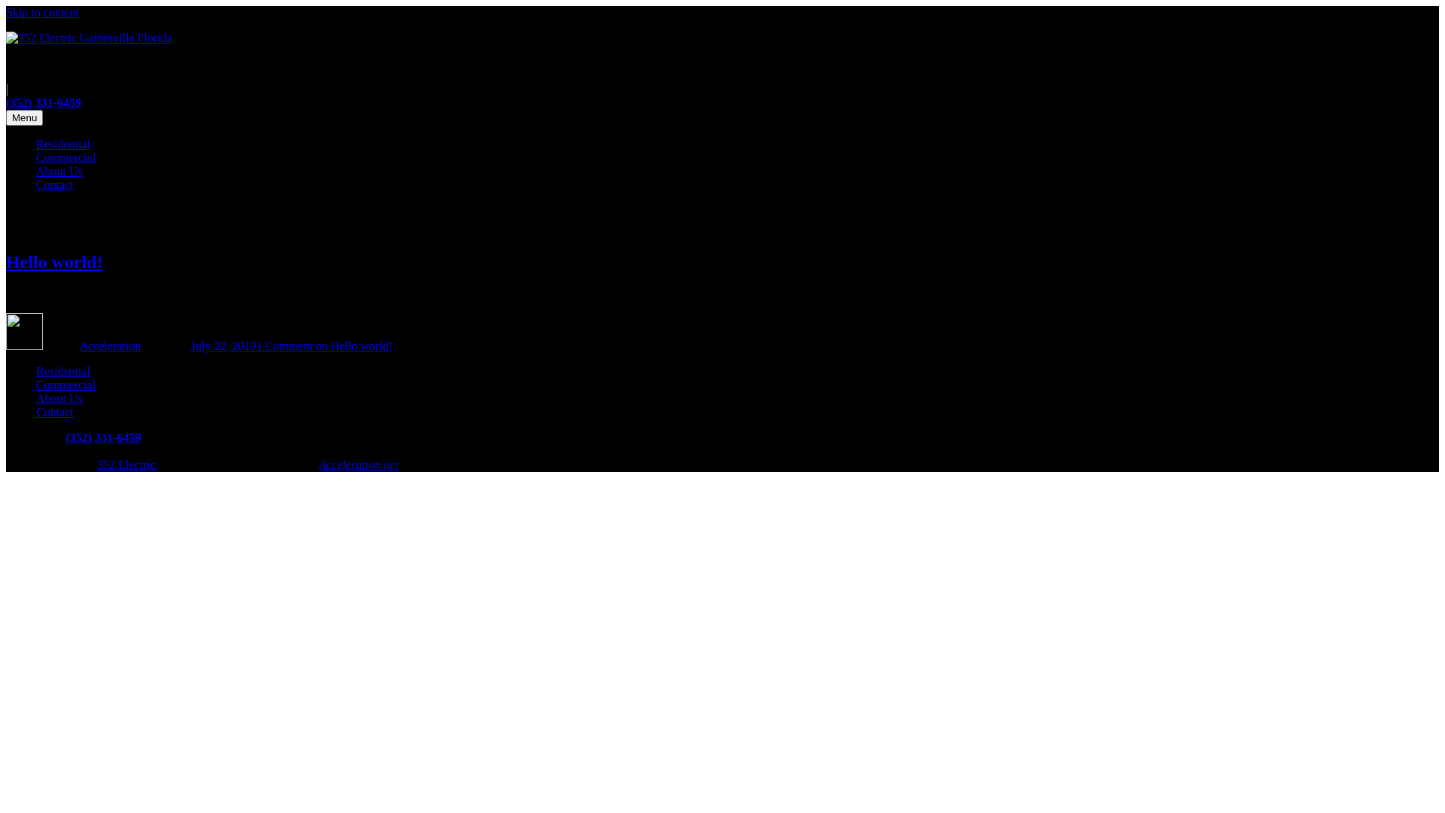 This screenshot has width=1445, height=813. Describe the element at coordinates (357, 464) in the screenshot. I see `'Acceleration.net'` at that location.